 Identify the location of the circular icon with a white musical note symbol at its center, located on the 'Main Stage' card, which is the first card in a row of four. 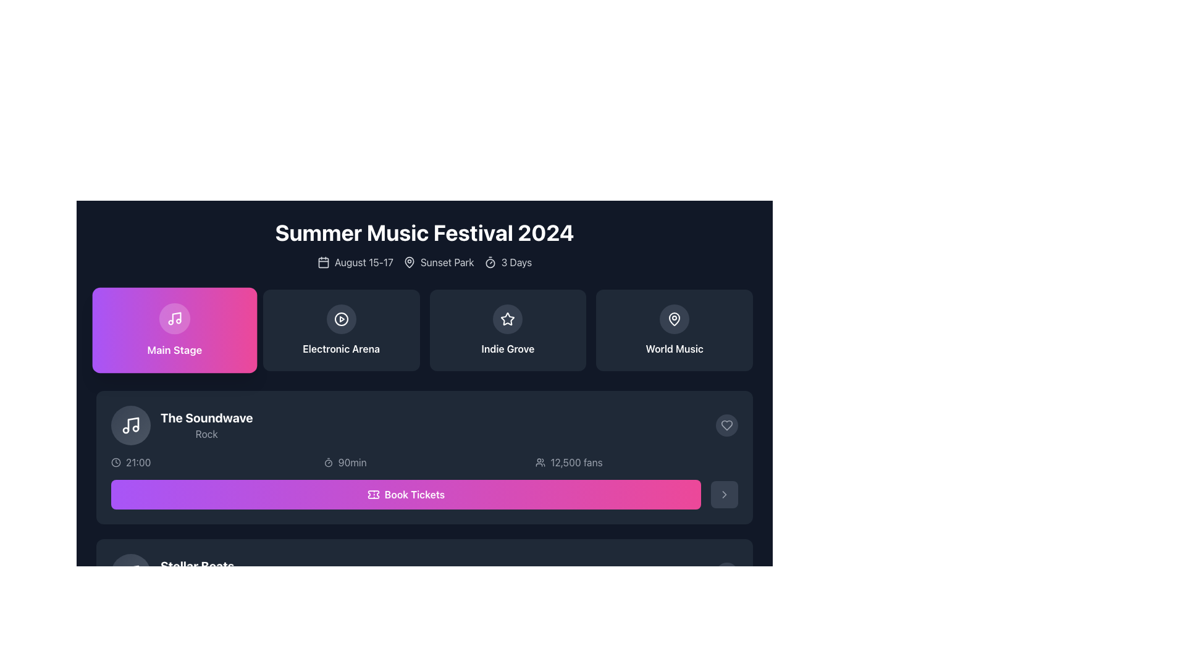
(174, 318).